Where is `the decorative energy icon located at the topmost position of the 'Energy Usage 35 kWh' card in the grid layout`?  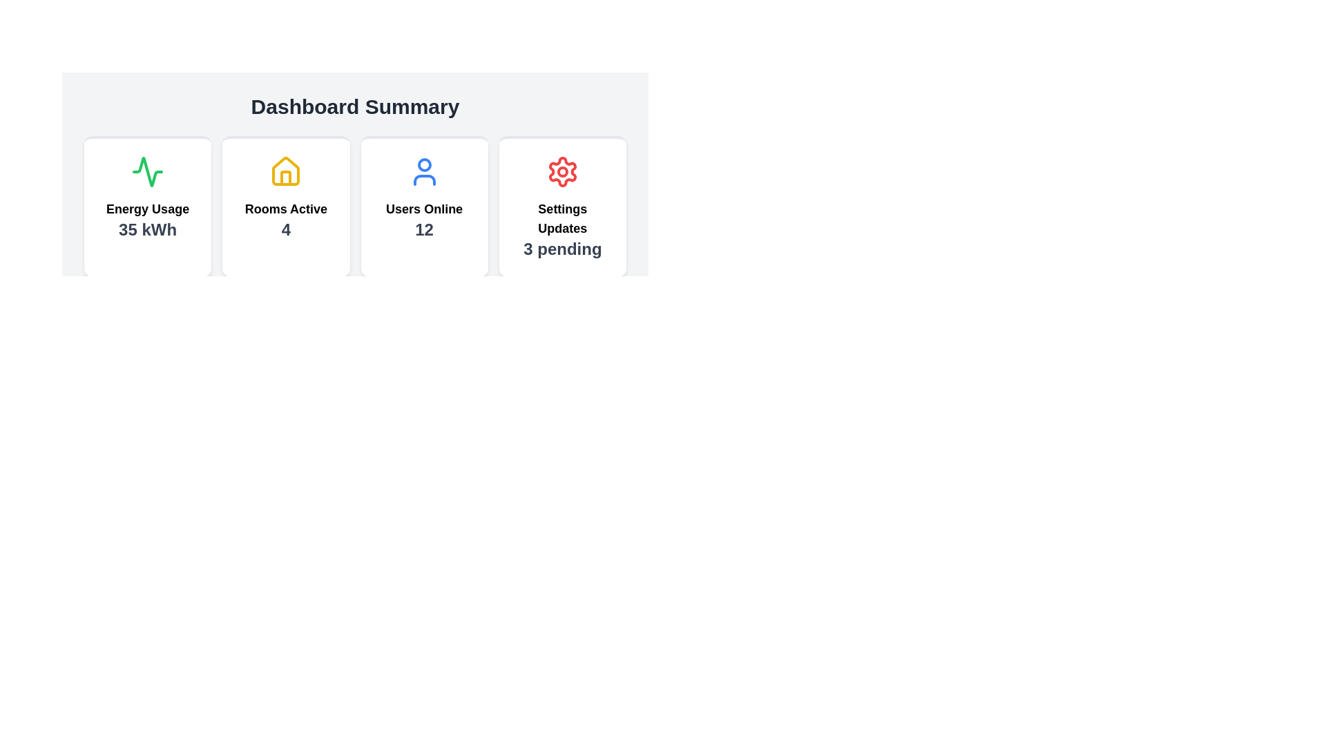 the decorative energy icon located at the topmost position of the 'Energy Usage 35 kWh' card in the grid layout is located at coordinates (148, 171).